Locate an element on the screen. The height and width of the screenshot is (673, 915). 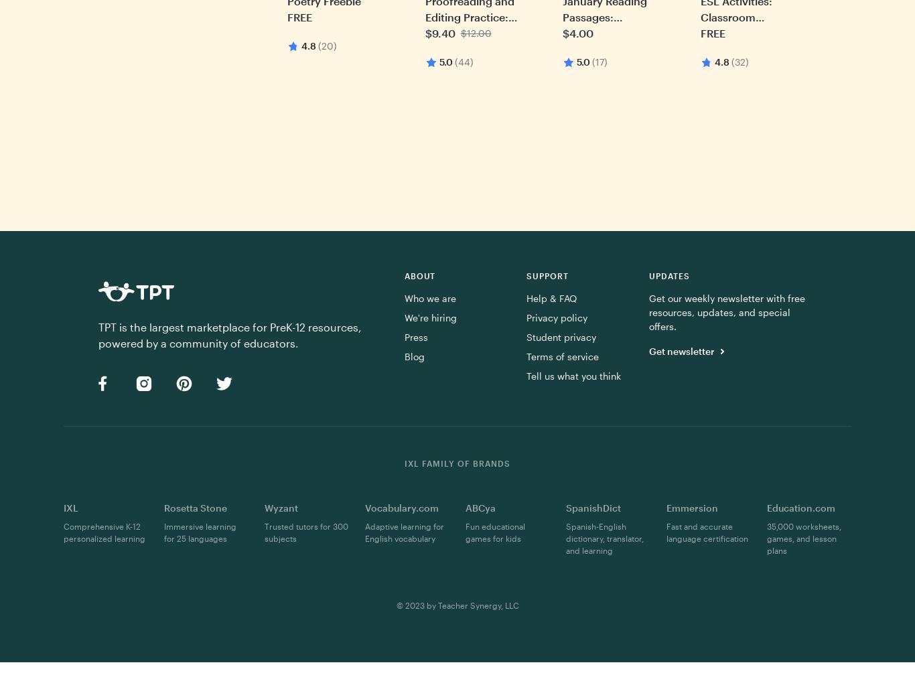
'$12.00' is located at coordinates (476, 33).